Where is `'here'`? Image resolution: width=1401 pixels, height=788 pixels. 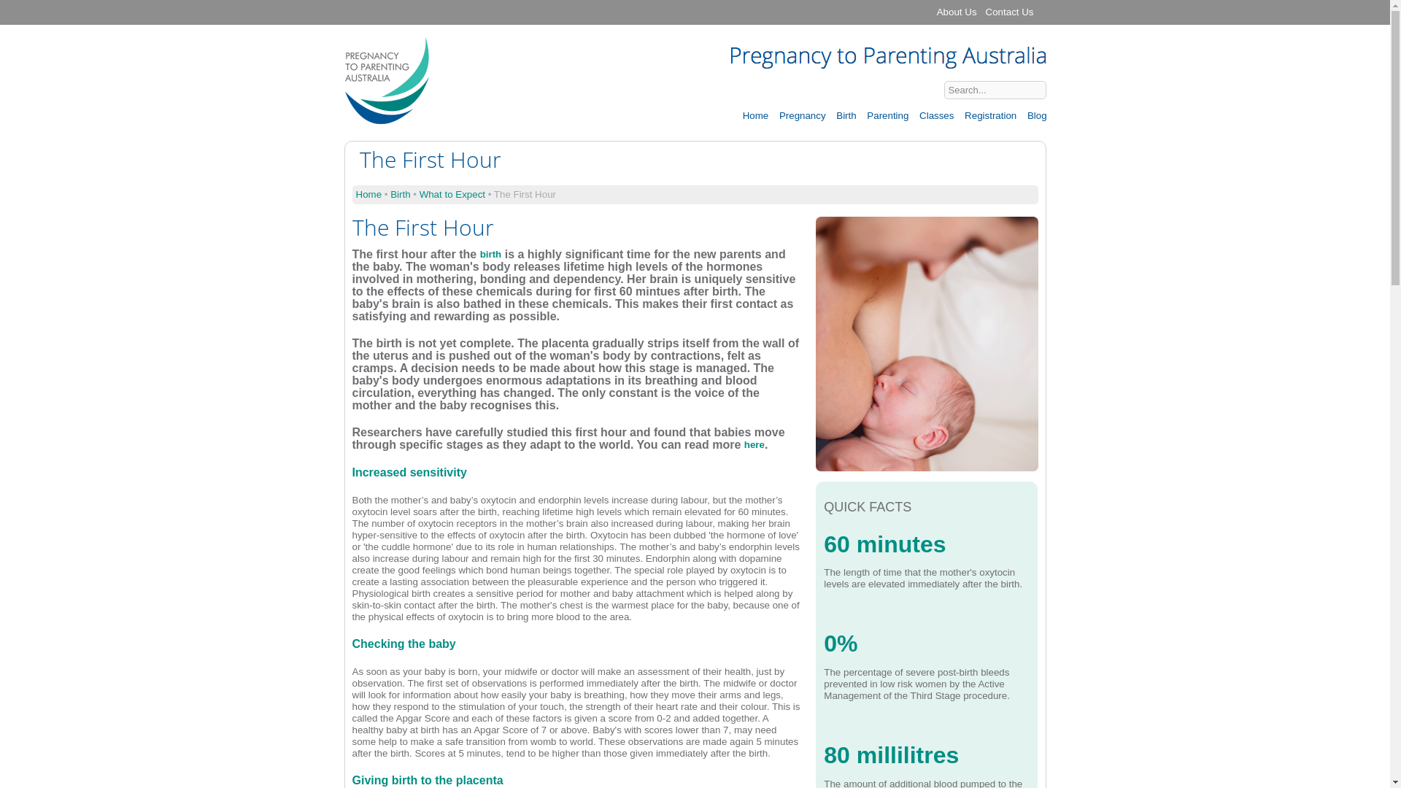
'here' is located at coordinates (754, 444).